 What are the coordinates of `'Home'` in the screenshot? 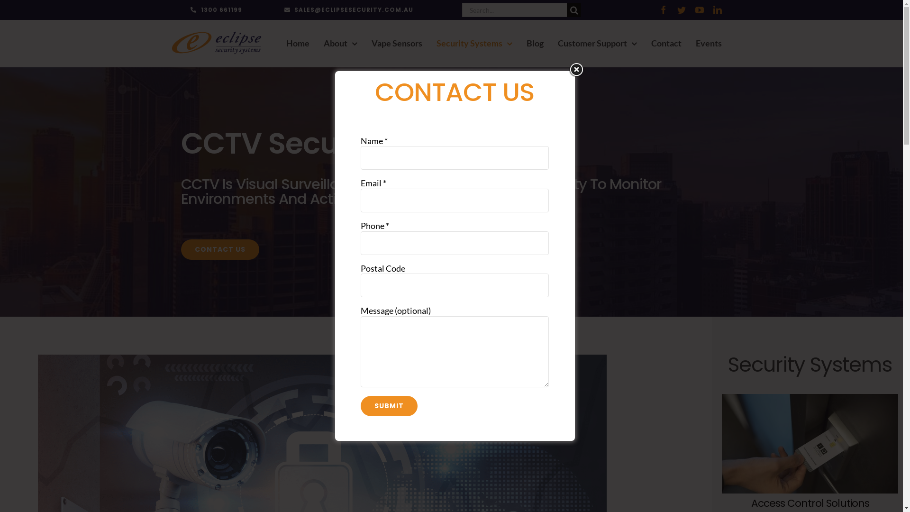 It's located at (297, 44).